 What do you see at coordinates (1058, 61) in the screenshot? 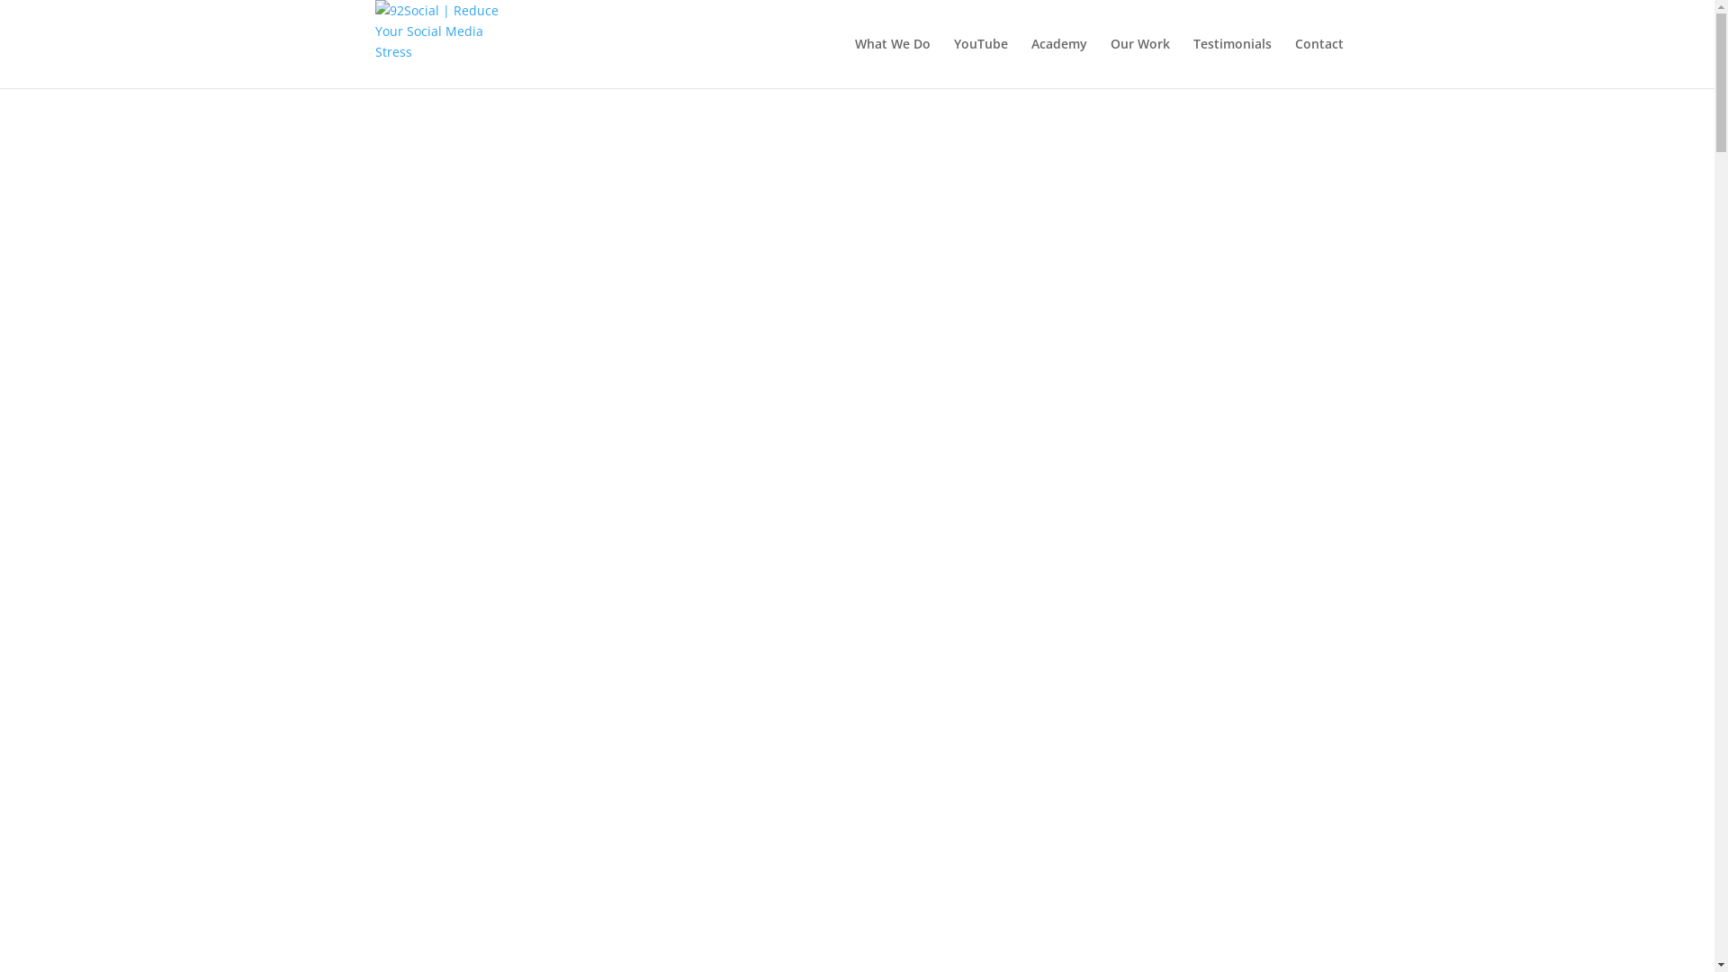
I see `'Academy'` at bounding box center [1058, 61].